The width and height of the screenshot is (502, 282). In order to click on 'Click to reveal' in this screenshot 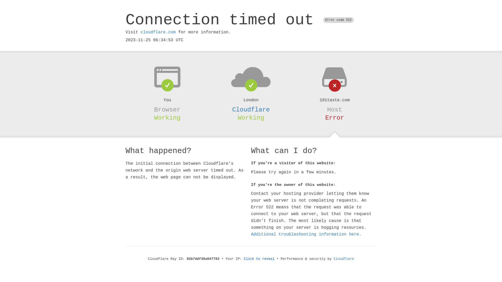, I will do `click(259, 259)`.